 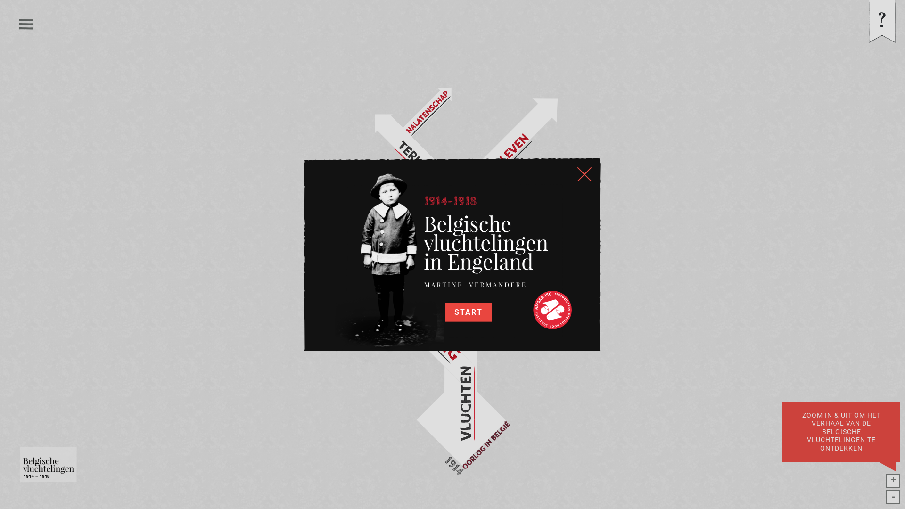 I want to click on '-', so click(x=893, y=497).